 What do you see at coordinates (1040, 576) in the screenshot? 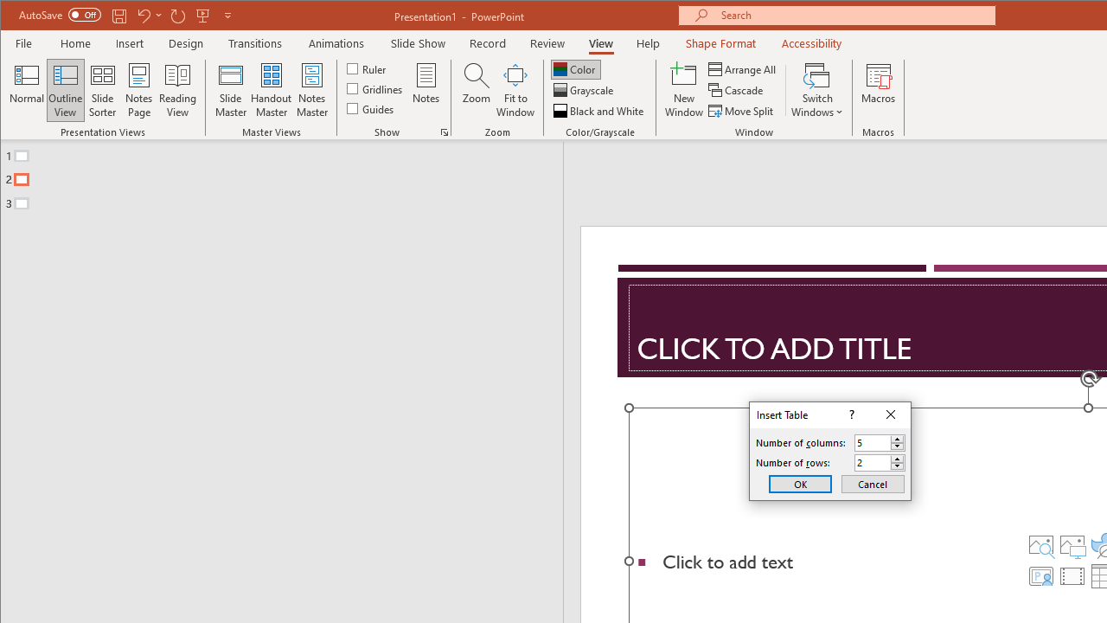
I see `'Insert Cameo'` at bounding box center [1040, 576].